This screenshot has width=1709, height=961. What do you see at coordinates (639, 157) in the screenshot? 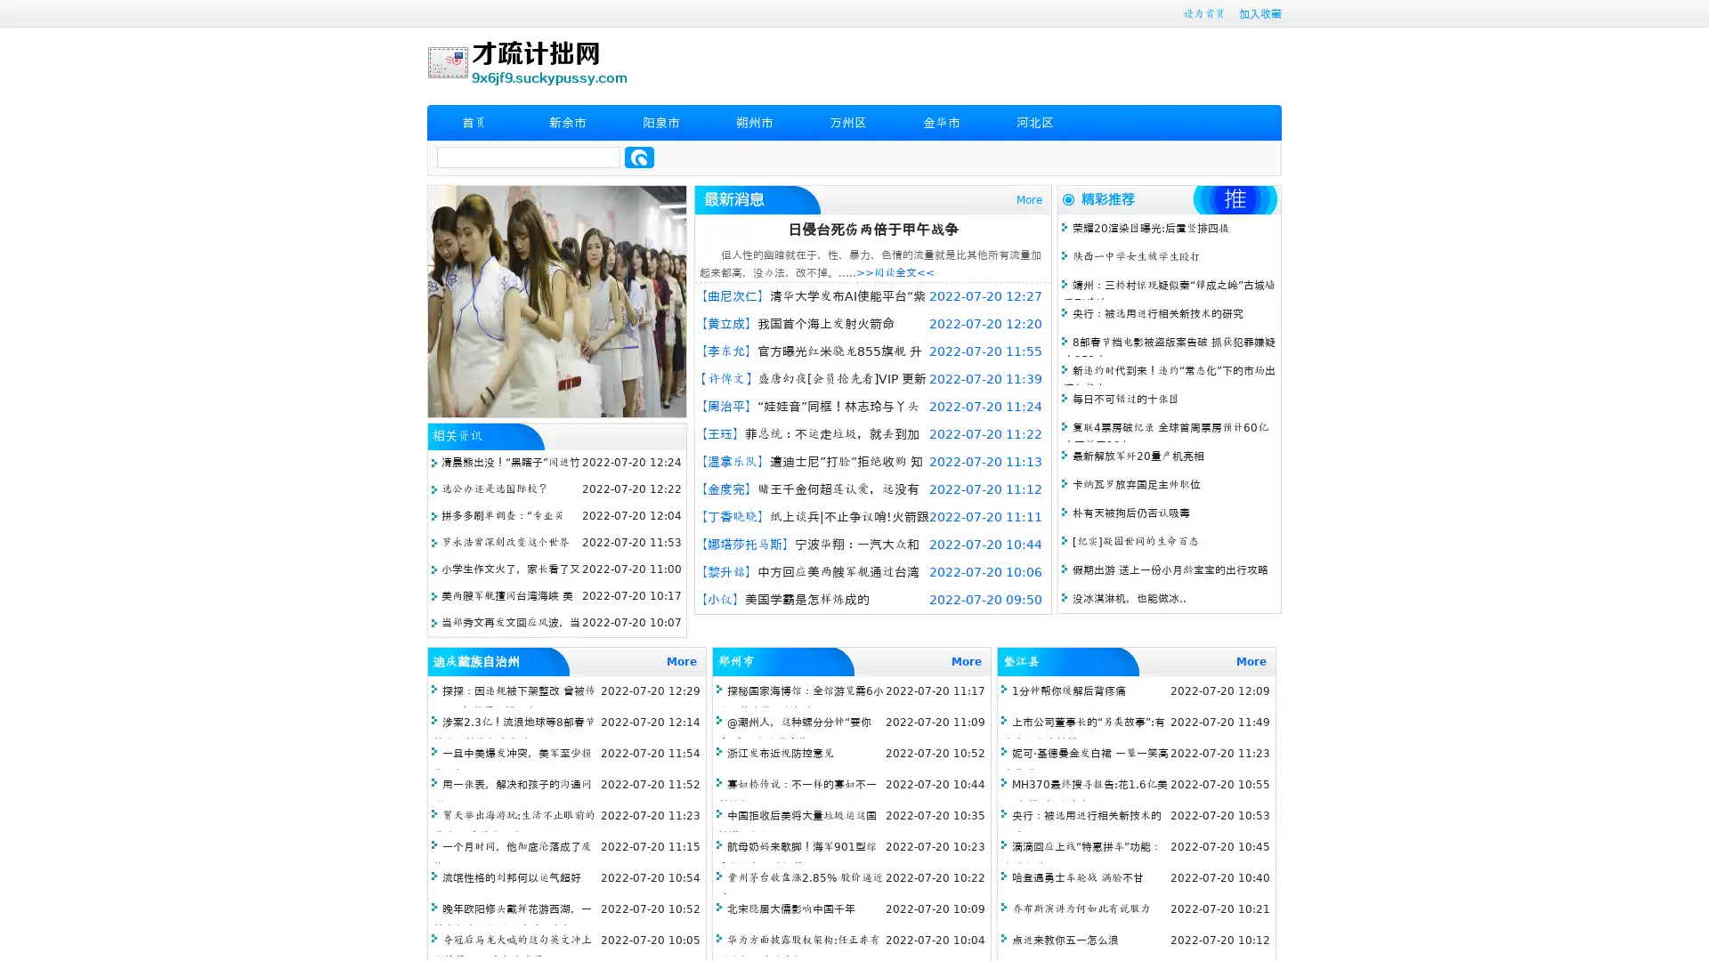
I see `Search` at bounding box center [639, 157].